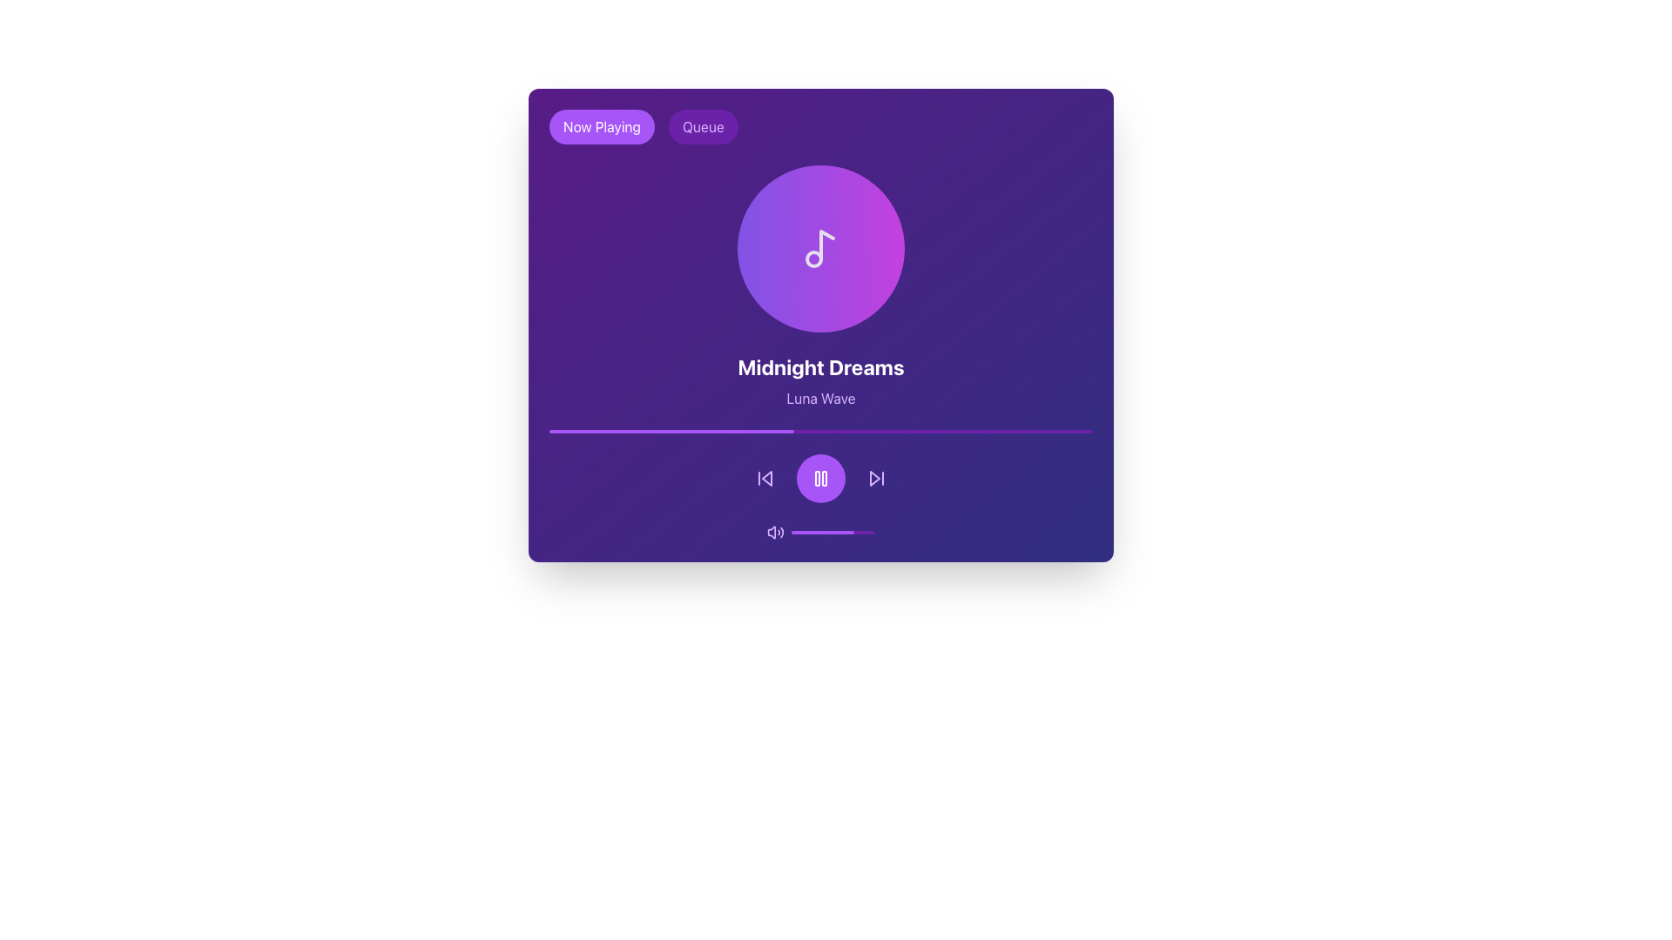 The image size is (1672, 940). I want to click on the volume control speaker icon located on the lower part of the interface, to the left of the horizontal purple progress bar, so click(775, 532).